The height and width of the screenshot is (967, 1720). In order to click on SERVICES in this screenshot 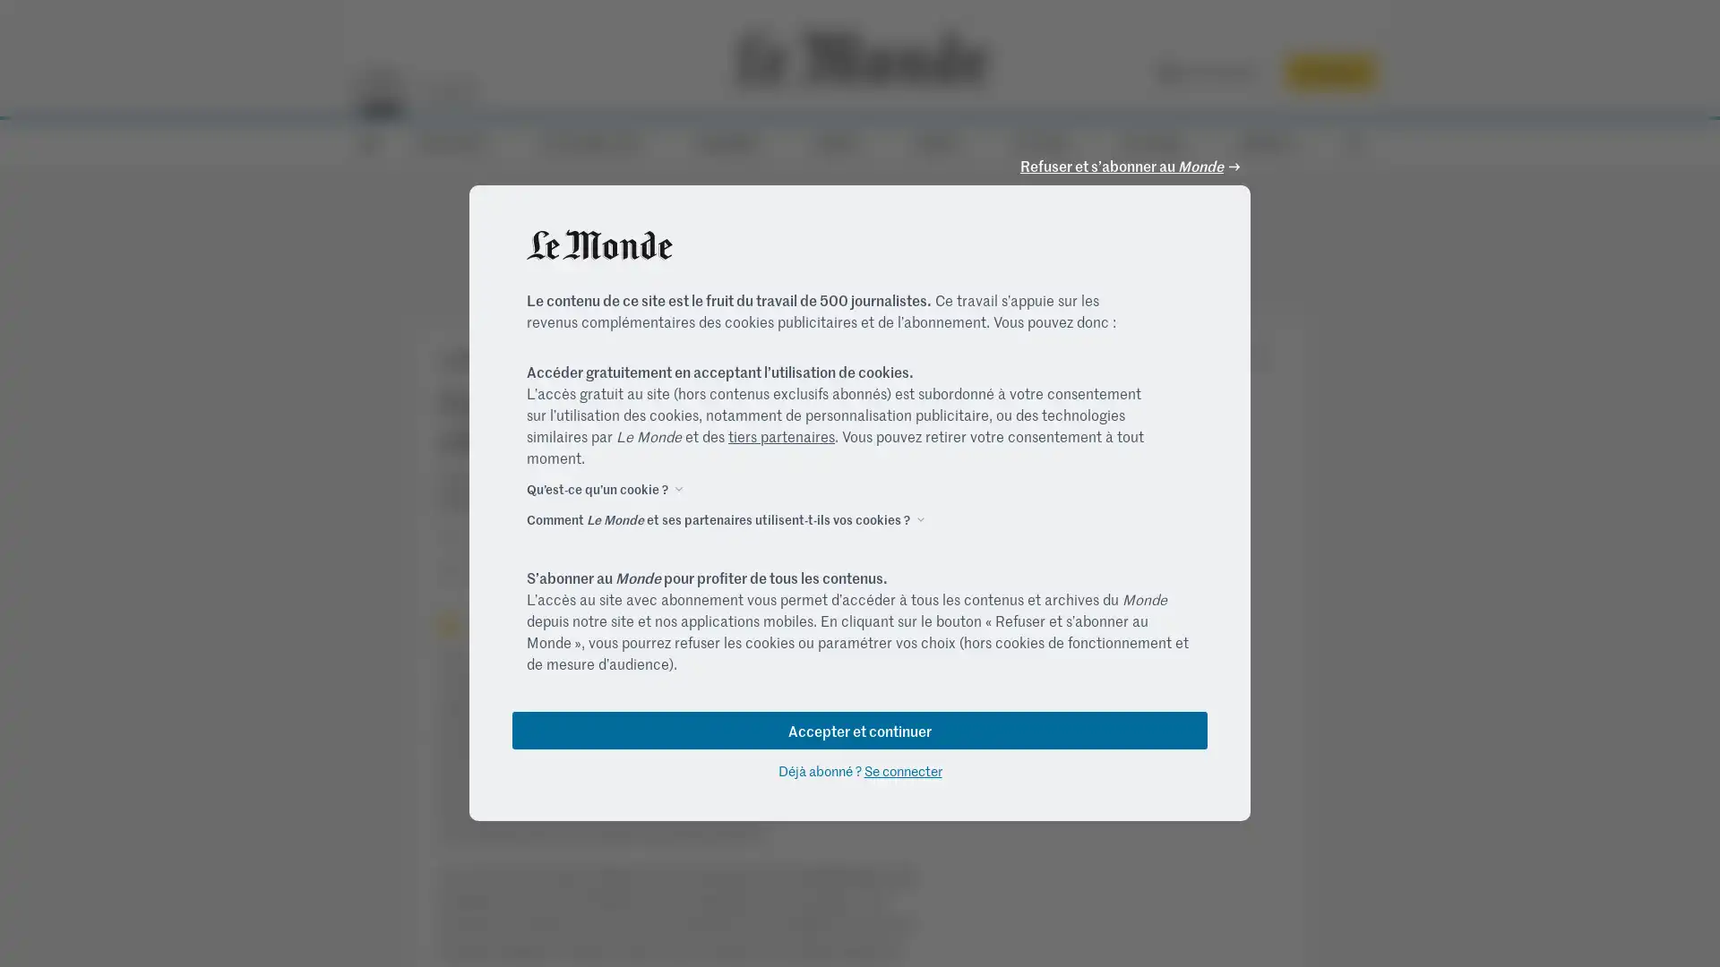, I will do `click(1273, 141)`.